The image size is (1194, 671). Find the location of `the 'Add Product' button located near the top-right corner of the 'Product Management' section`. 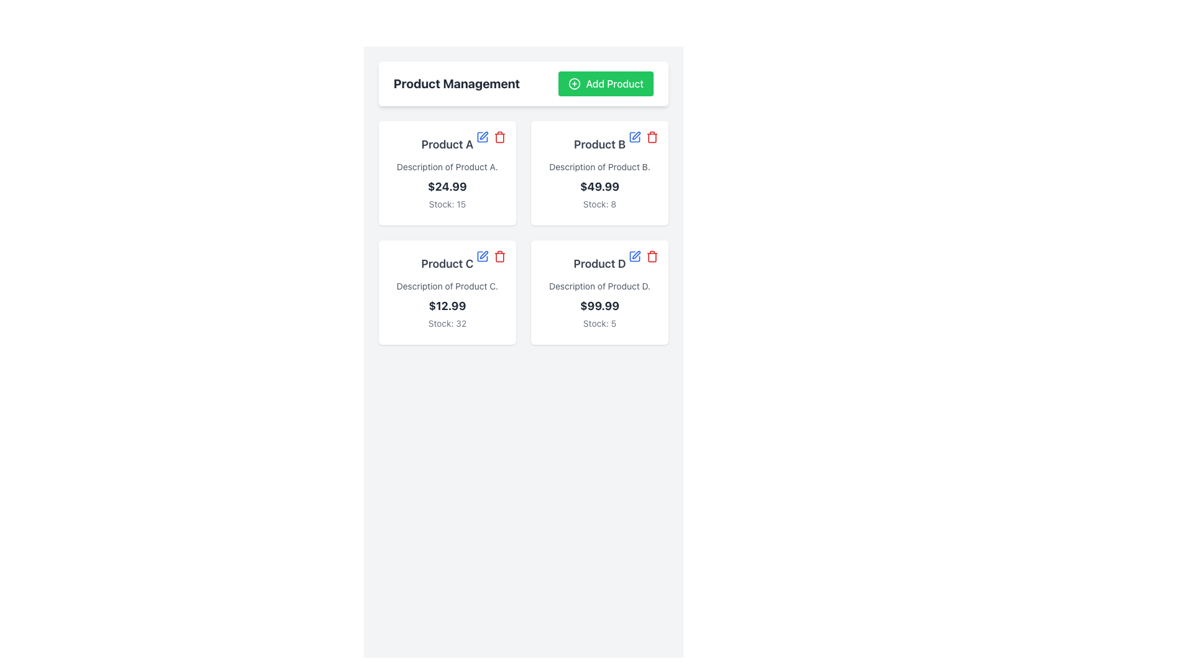

the 'Add Product' button located near the top-right corner of the 'Product Management' section is located at coordinates (606, 84).